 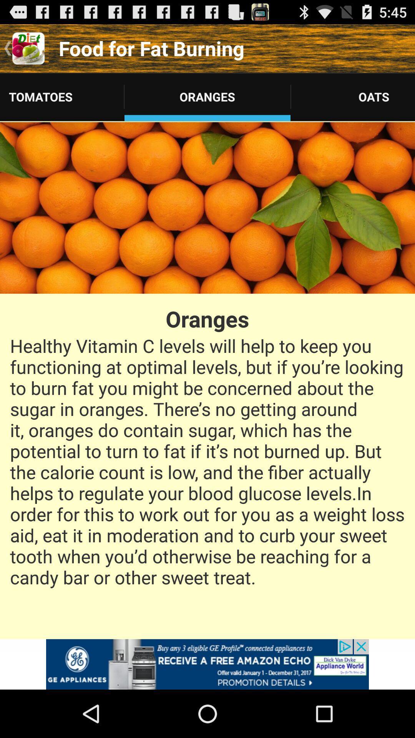 I want to click on open advertisement, so click(x=207, y=664).